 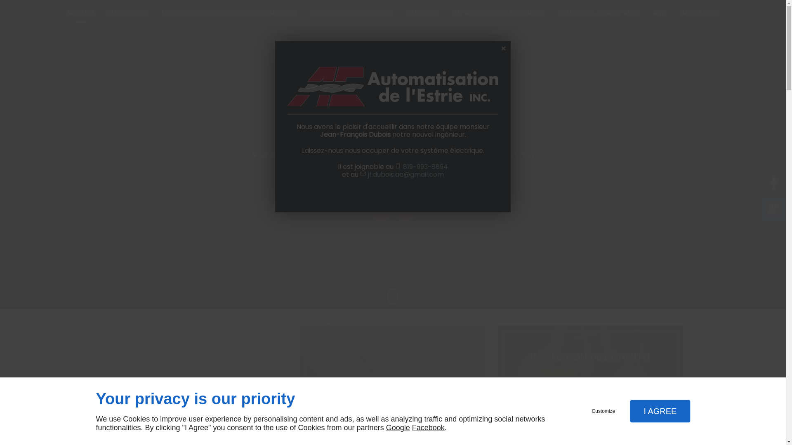 What do you see at coordinates (599, 13) in the screenshot?
I see `'PLANCHERS CHAUFFANTS'` at bounding box center [599, 13].